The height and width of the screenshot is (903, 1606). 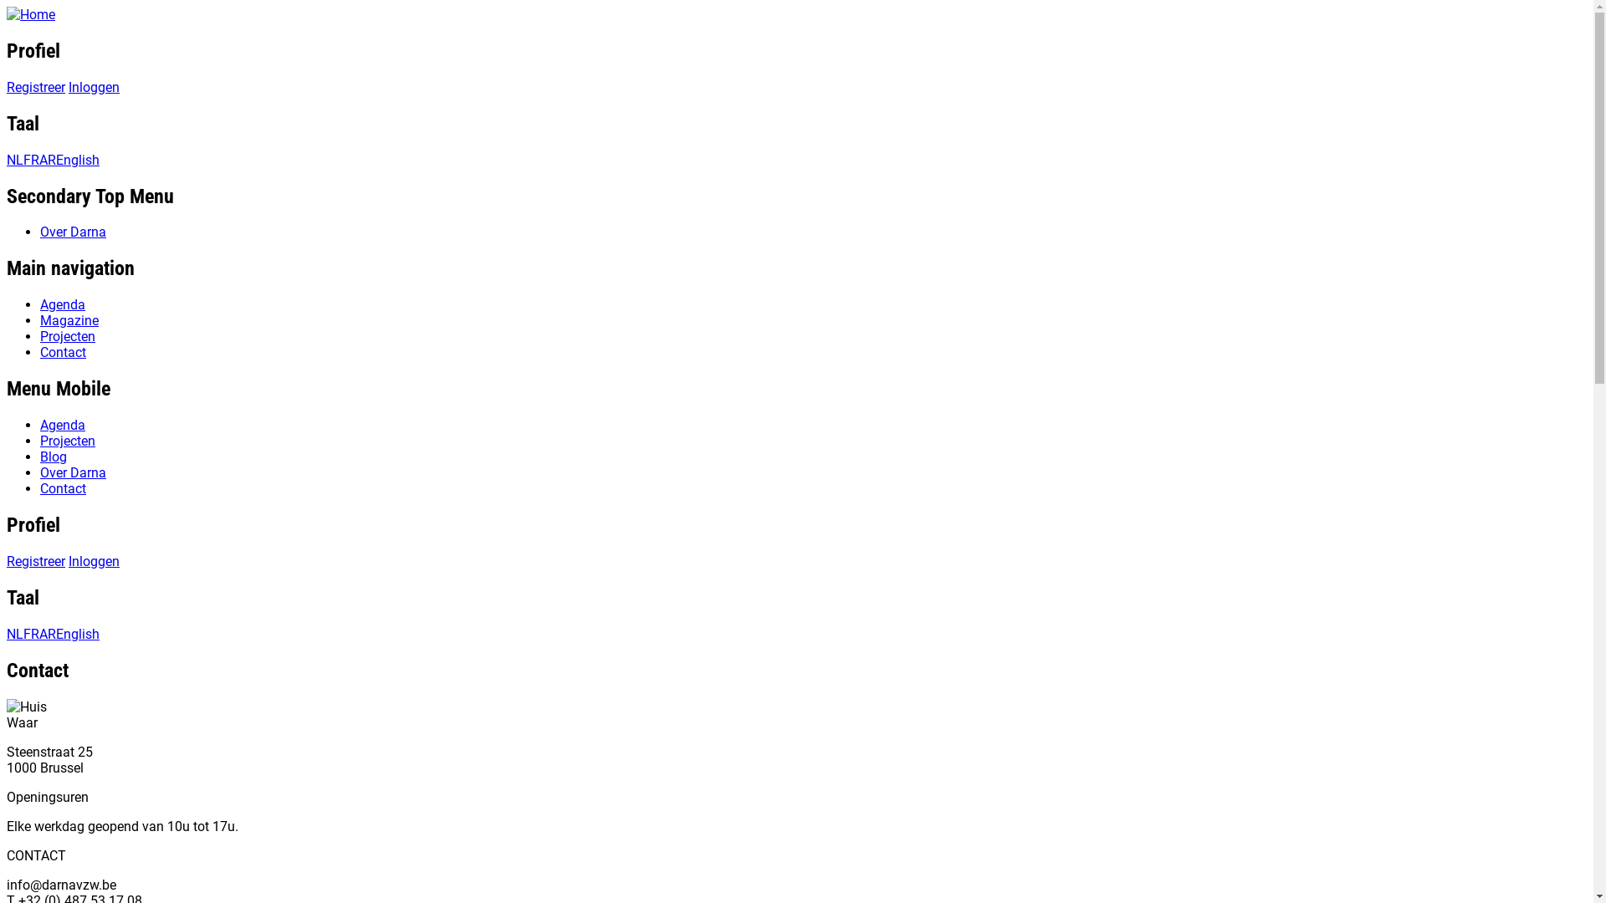 What do you see at coordinates (63, 304) in the screenshot?
I see `'Agenda'` at bounding box center [63, 304].